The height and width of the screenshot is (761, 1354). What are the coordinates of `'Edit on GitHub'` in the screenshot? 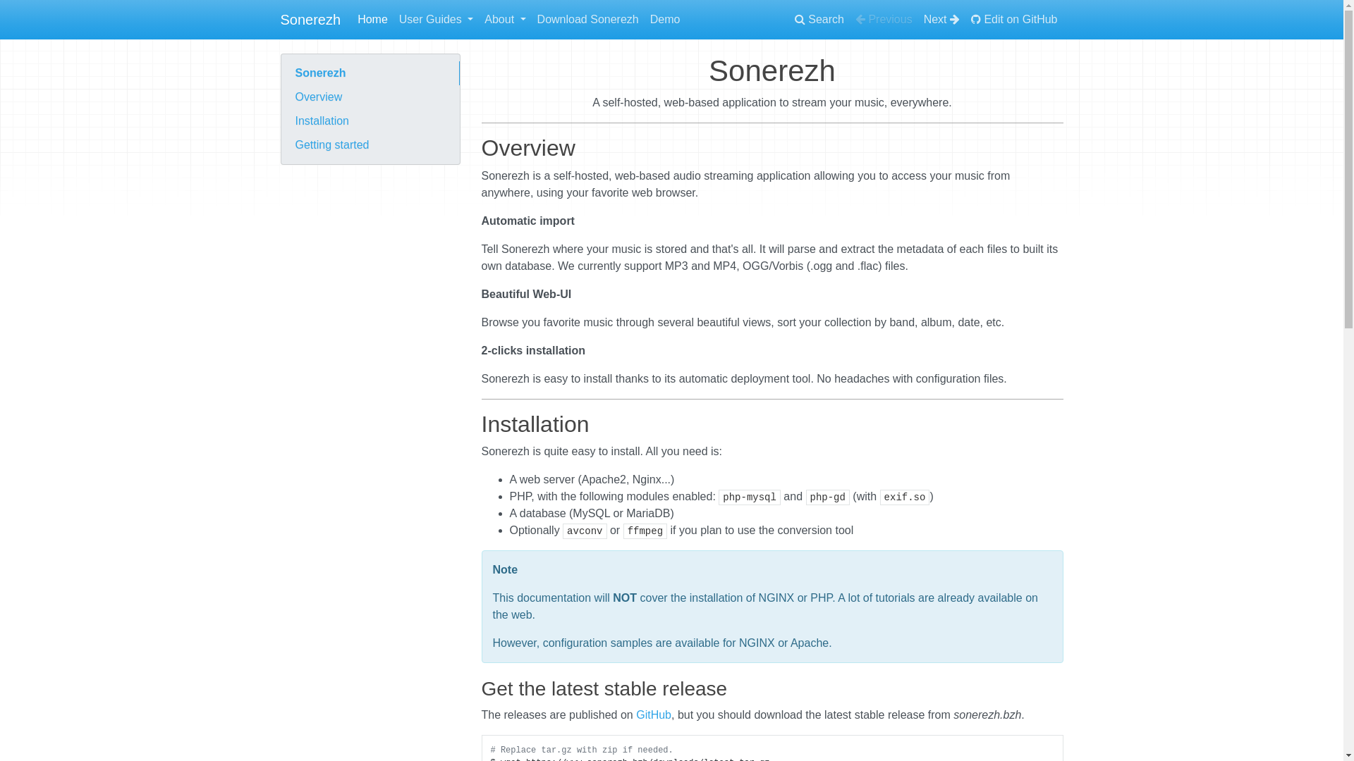 It's located at (1013, 19).